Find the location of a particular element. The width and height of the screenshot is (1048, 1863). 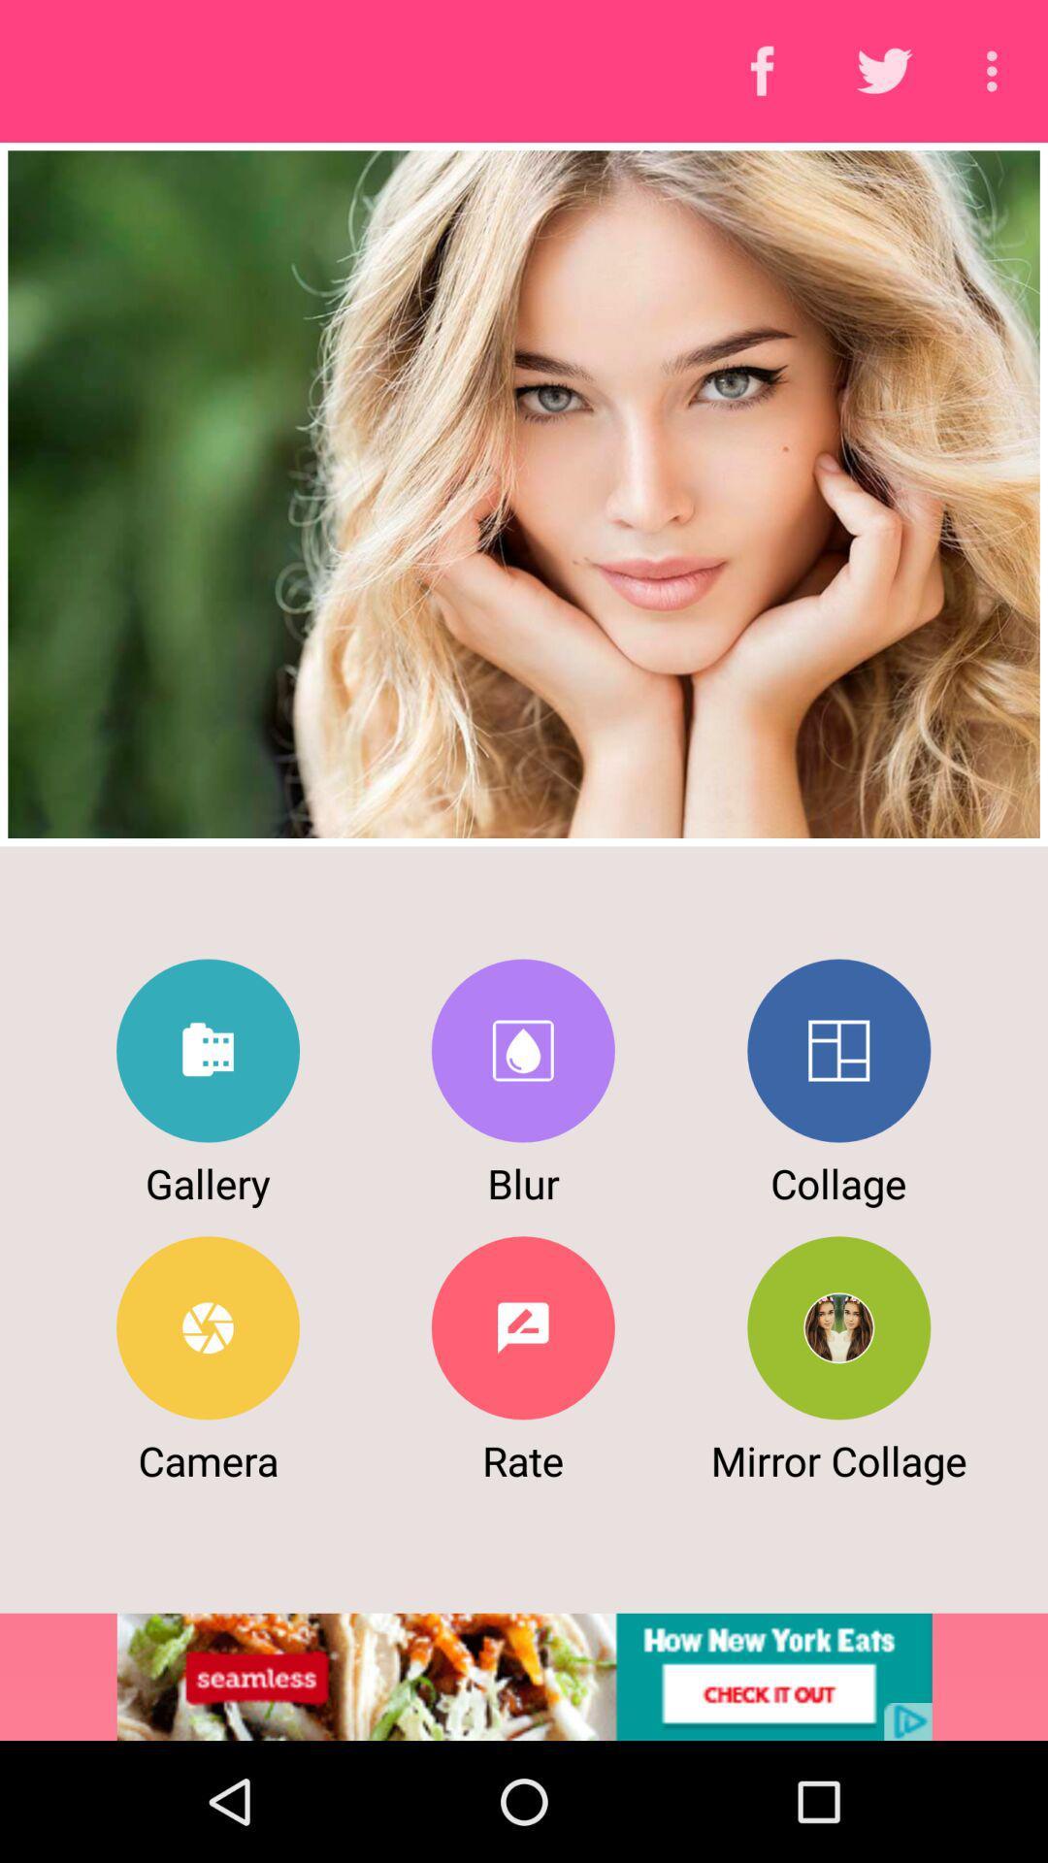

switch autoplay option is located at coordinates (837, 1050).